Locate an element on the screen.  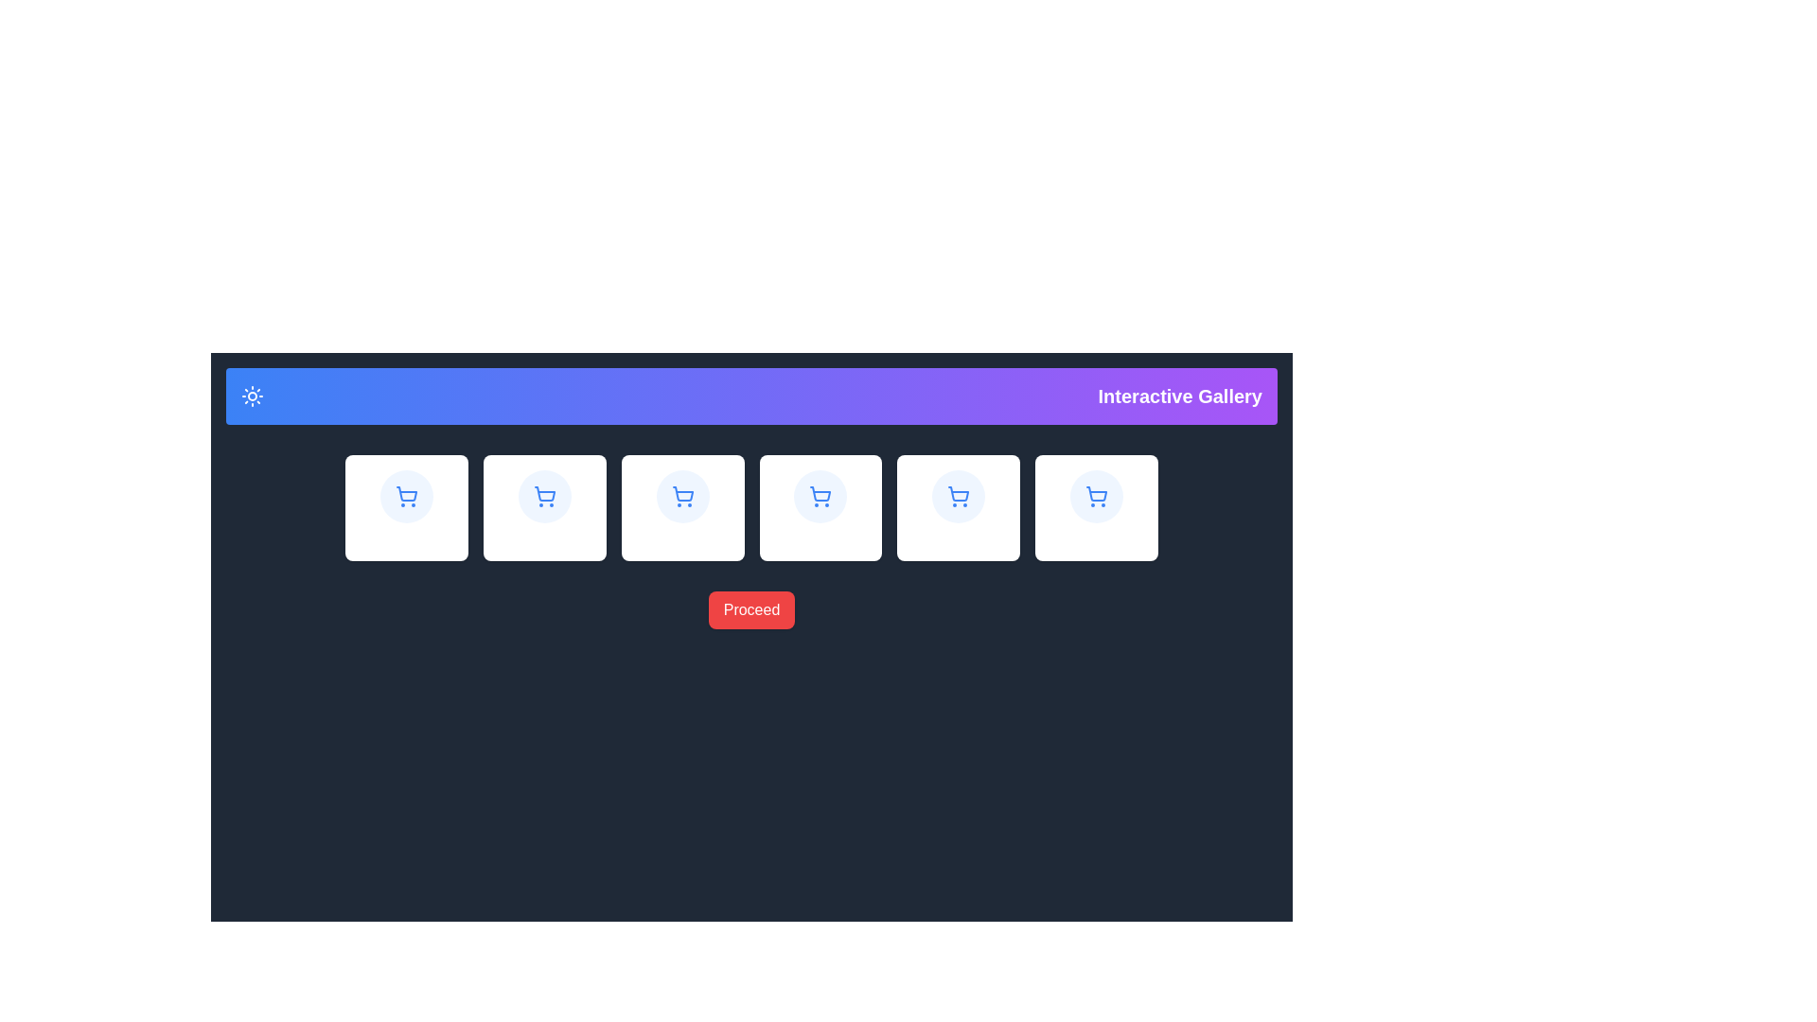
the fourth card in the grid layout that features a blue shopping cart icon and the text 'Sun' in bold below it is located at coordinates (820, 506).